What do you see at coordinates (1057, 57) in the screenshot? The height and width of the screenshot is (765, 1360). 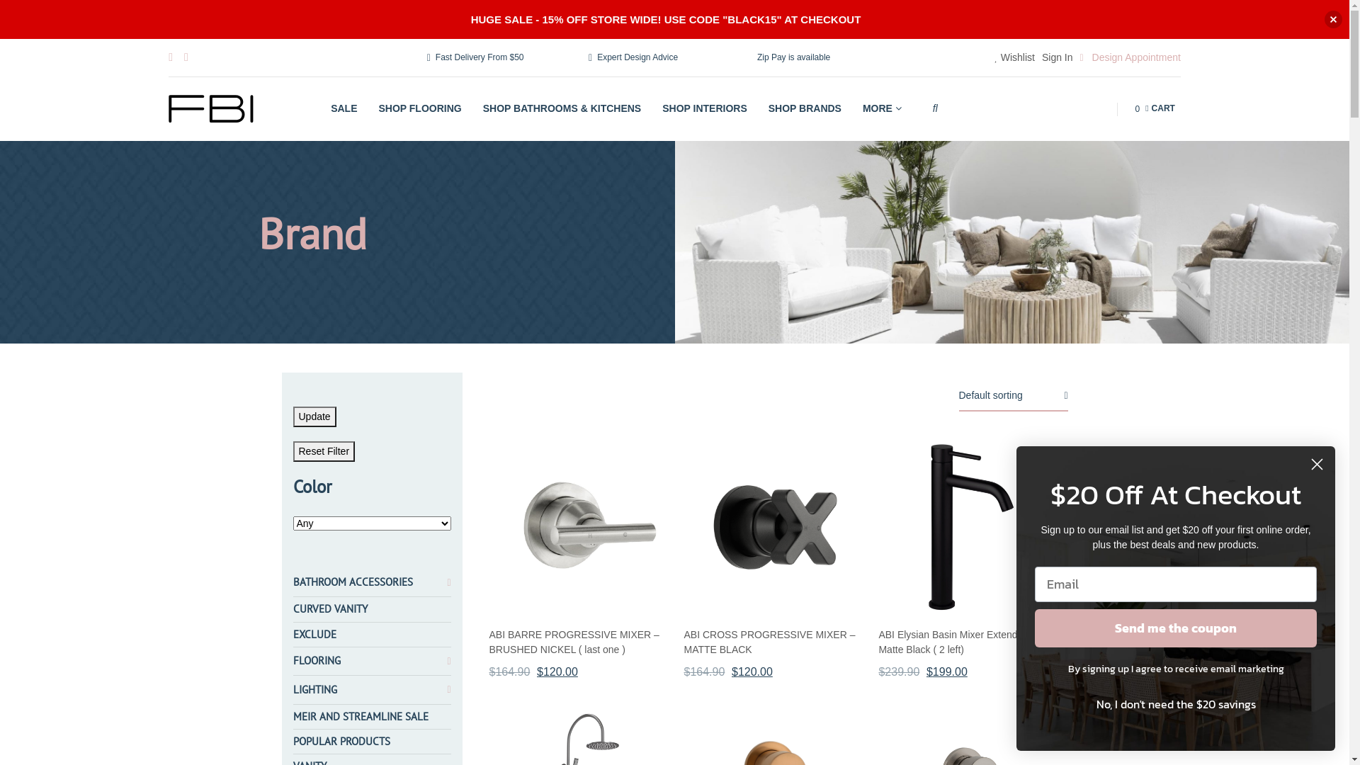 I see `'Sign In'` at bounding box center [1057, 57].